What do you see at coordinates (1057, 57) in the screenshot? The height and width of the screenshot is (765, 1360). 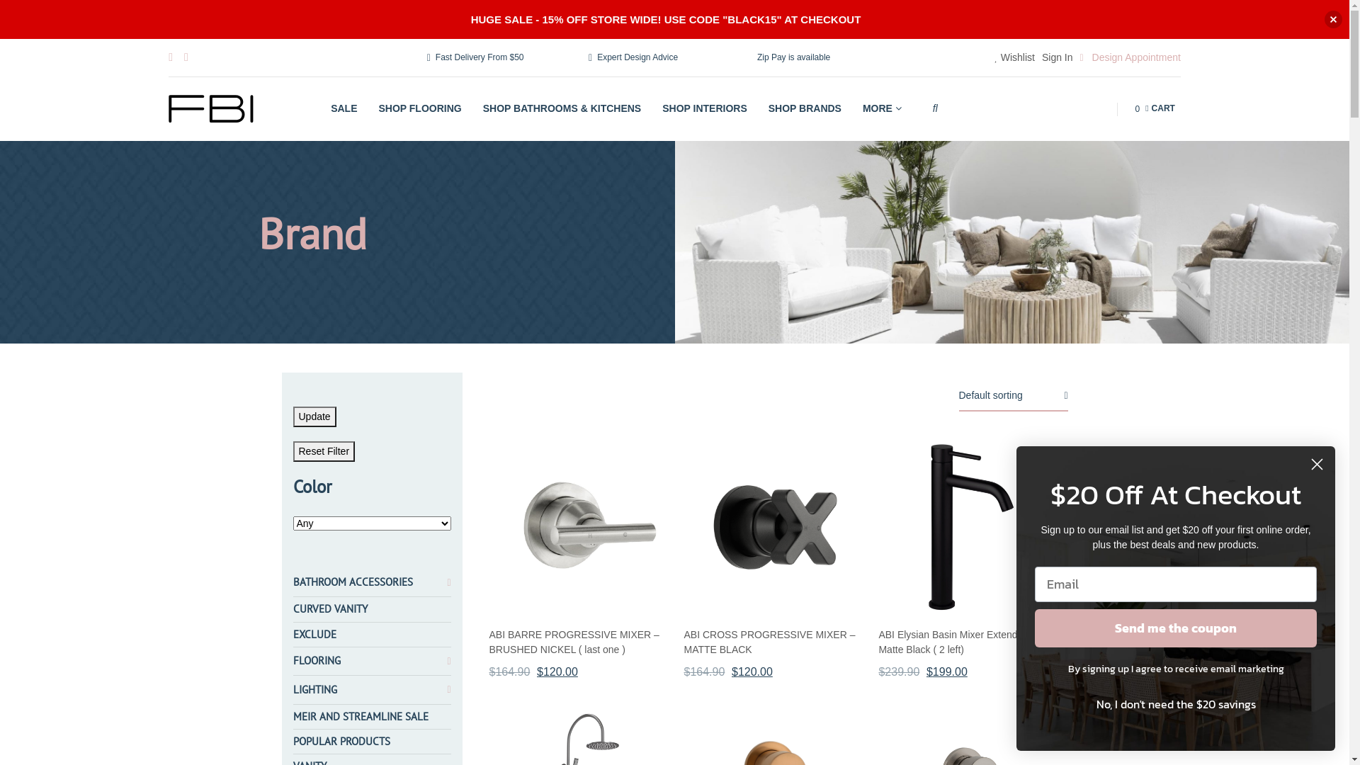 I see `'Sign In'` at bounding box center [1057, 57].